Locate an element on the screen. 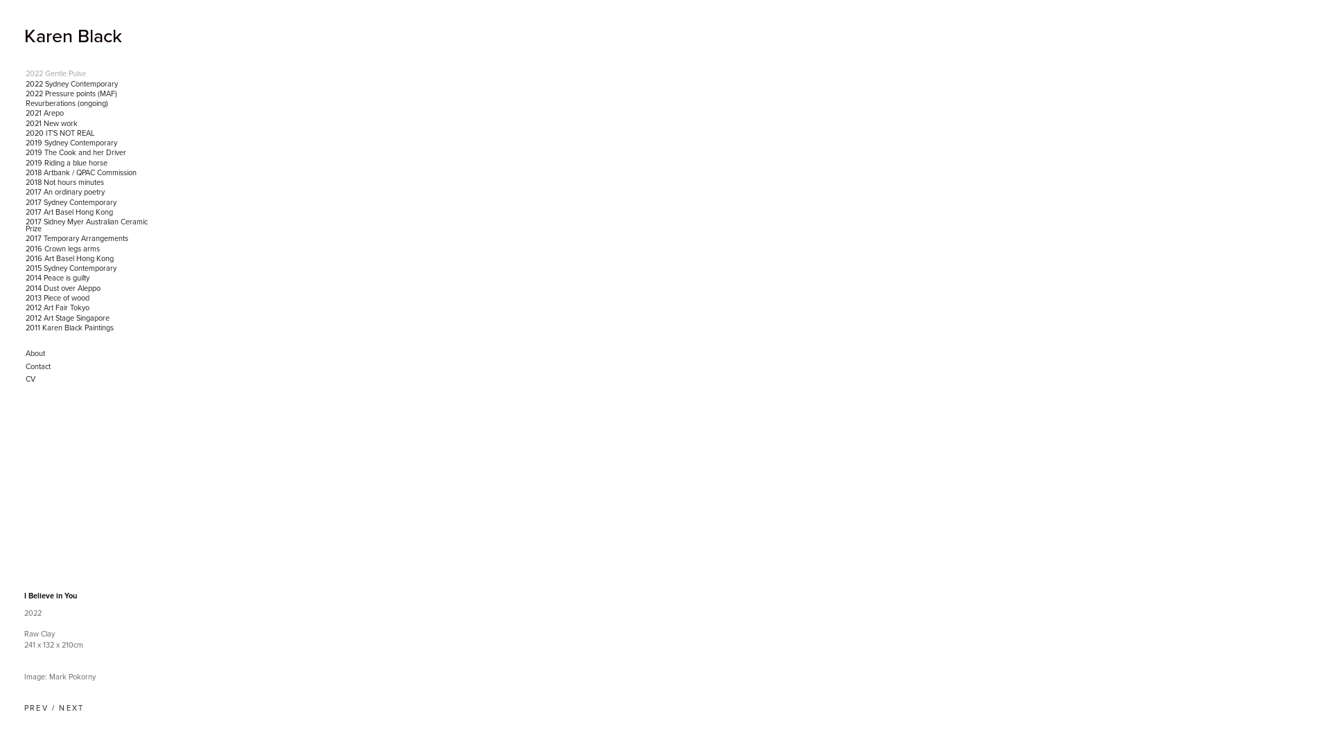 This screenshot has width=1331, height=748. 'Karen Black' is located at coordinates (72, 35).